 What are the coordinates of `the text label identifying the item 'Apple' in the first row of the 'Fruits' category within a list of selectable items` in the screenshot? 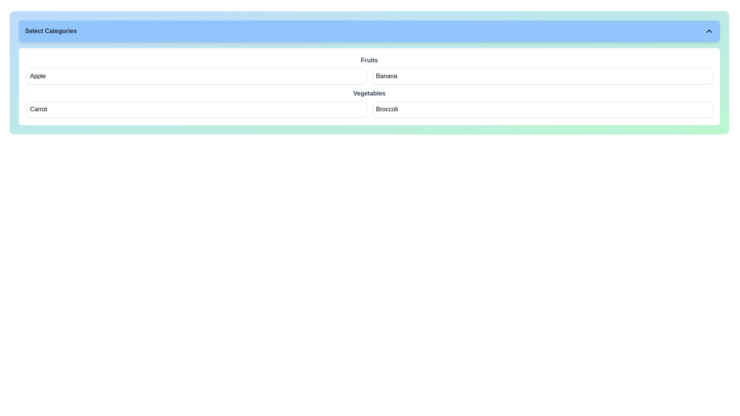 It's located at (37, 76).